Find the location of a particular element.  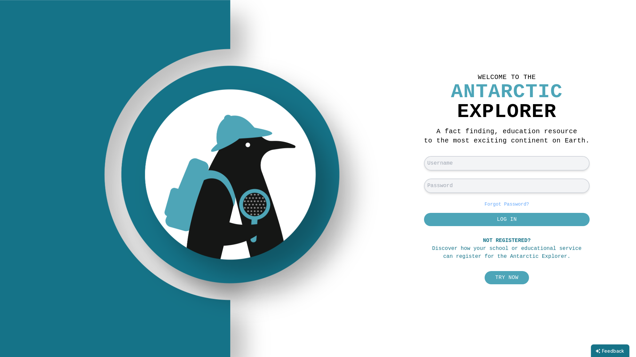

'LOG IN' is located at coordinates (506, 219).